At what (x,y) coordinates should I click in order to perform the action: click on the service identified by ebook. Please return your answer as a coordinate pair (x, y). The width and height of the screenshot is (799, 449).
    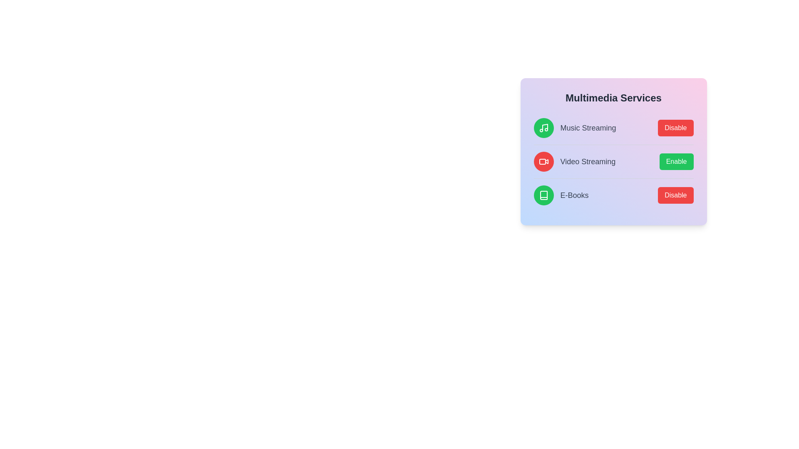
    Looking at the image, I should click on (675, 195).